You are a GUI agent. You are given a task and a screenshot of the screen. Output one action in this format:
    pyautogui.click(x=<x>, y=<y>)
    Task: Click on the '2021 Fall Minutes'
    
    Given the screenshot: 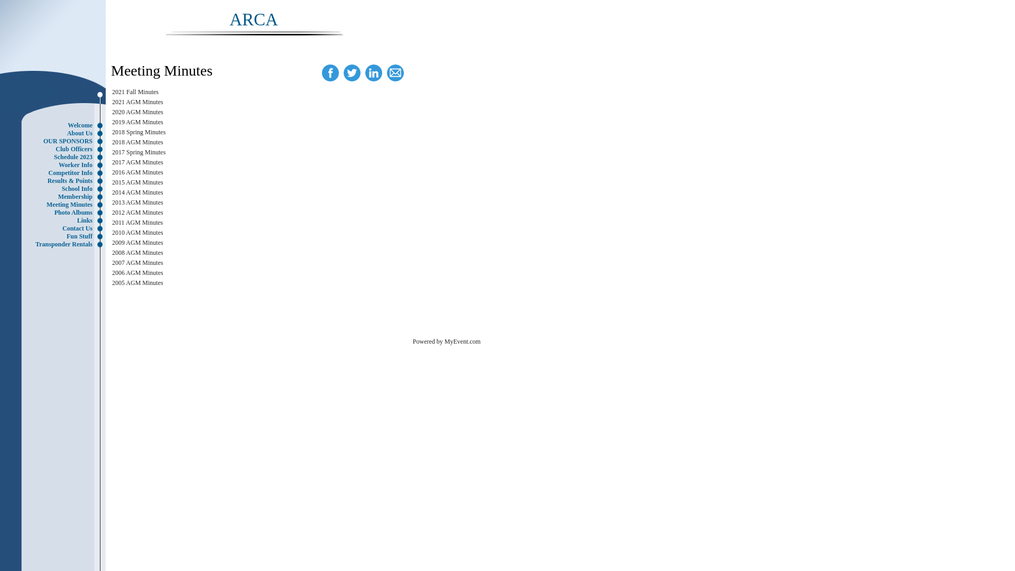 What is the action you would take?
    pyautogui.click(x=134, y=91)
    